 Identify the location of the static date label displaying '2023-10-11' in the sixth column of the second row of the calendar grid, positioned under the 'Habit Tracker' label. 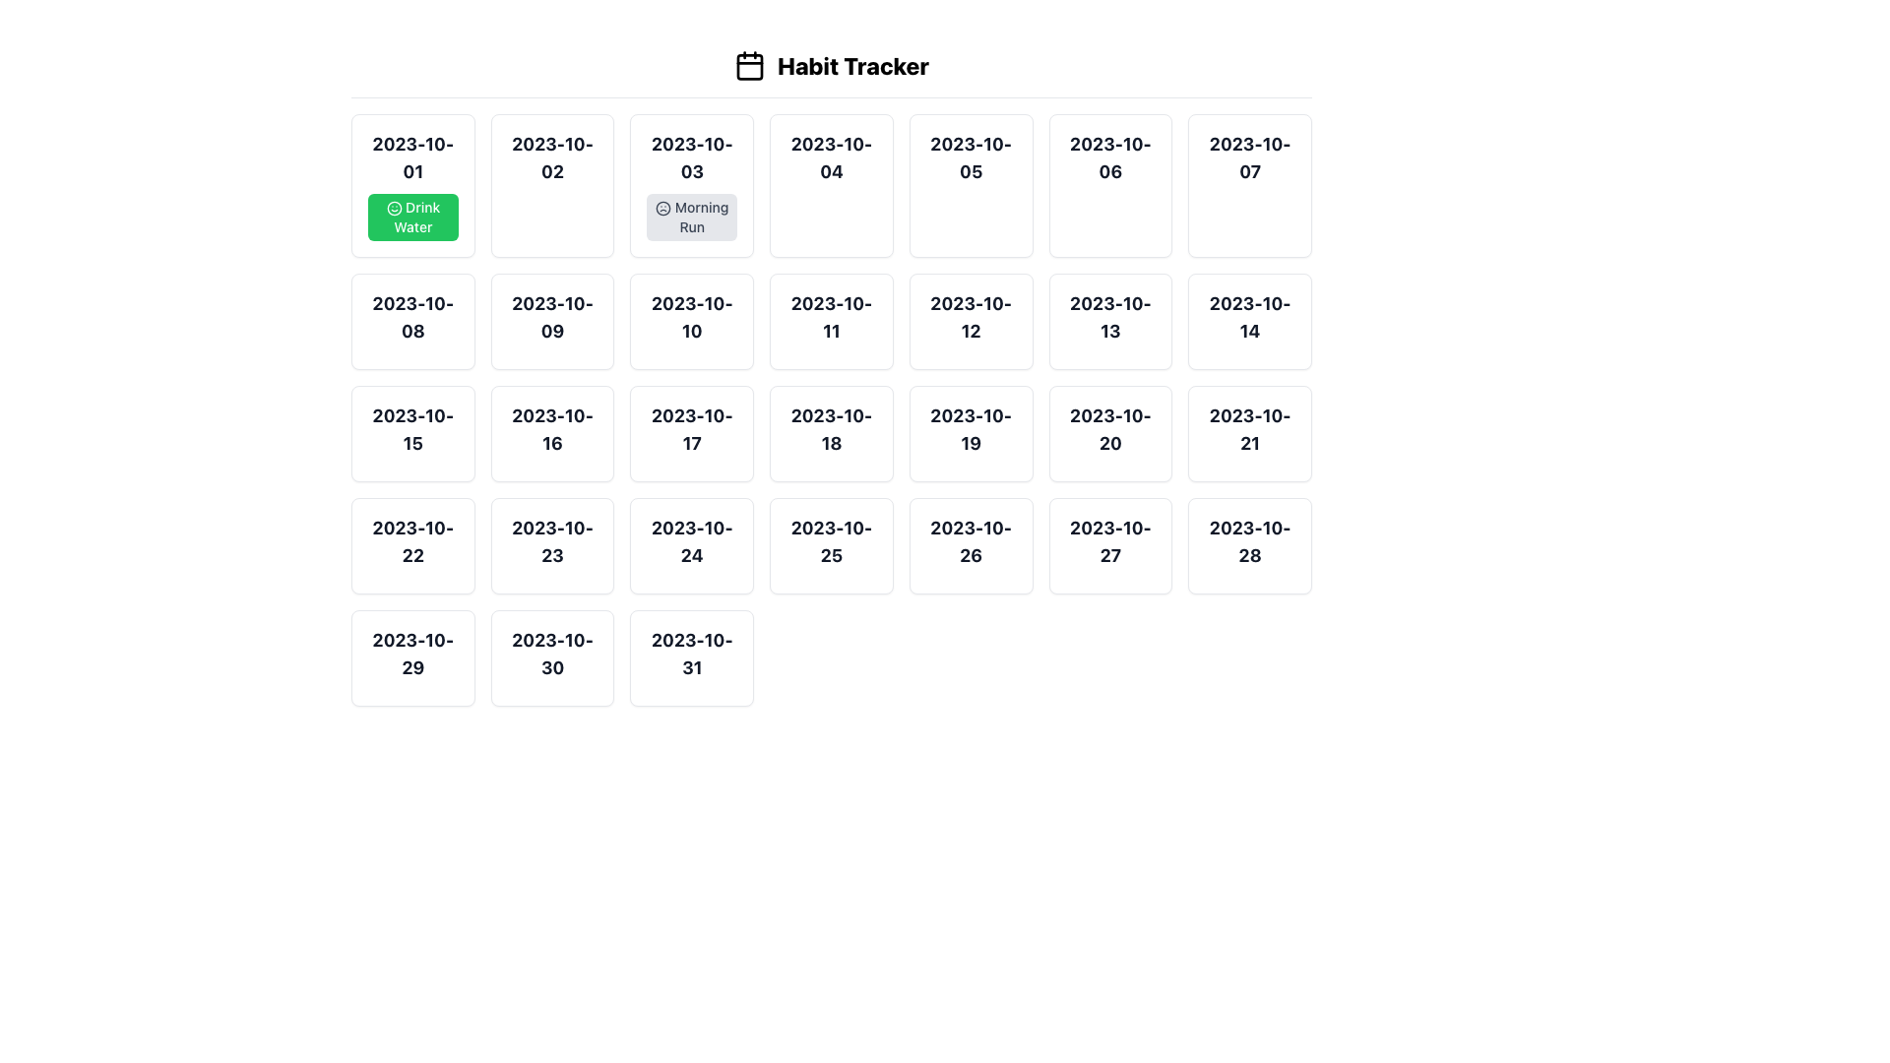
(831, 317).